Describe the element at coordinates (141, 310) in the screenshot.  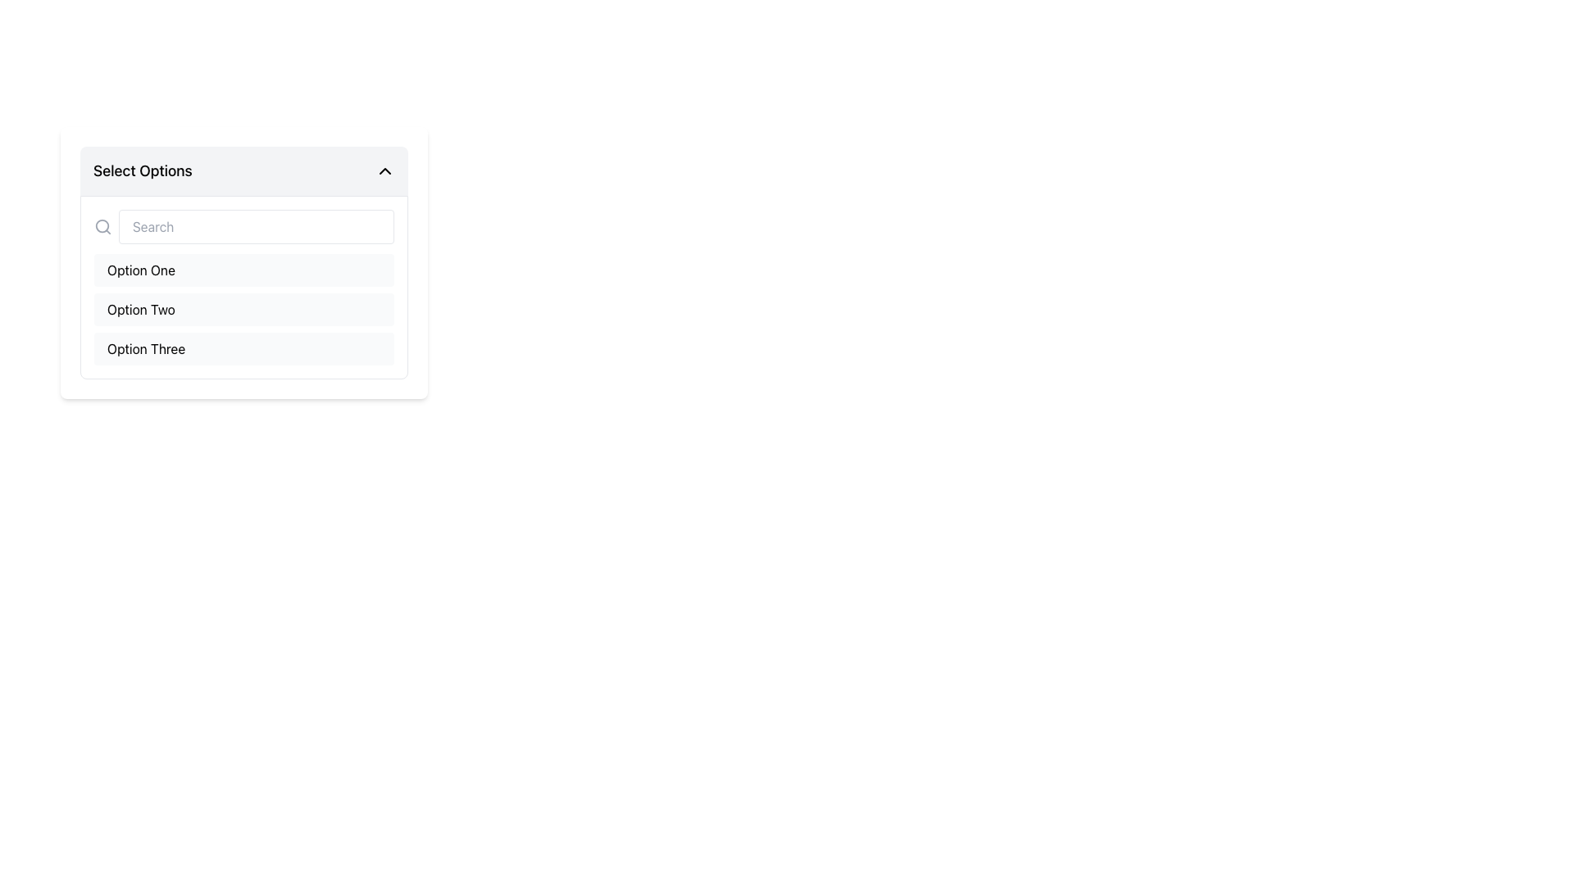
I see `the second option in the dropdown menu labeled 'Option Two'` at that location.